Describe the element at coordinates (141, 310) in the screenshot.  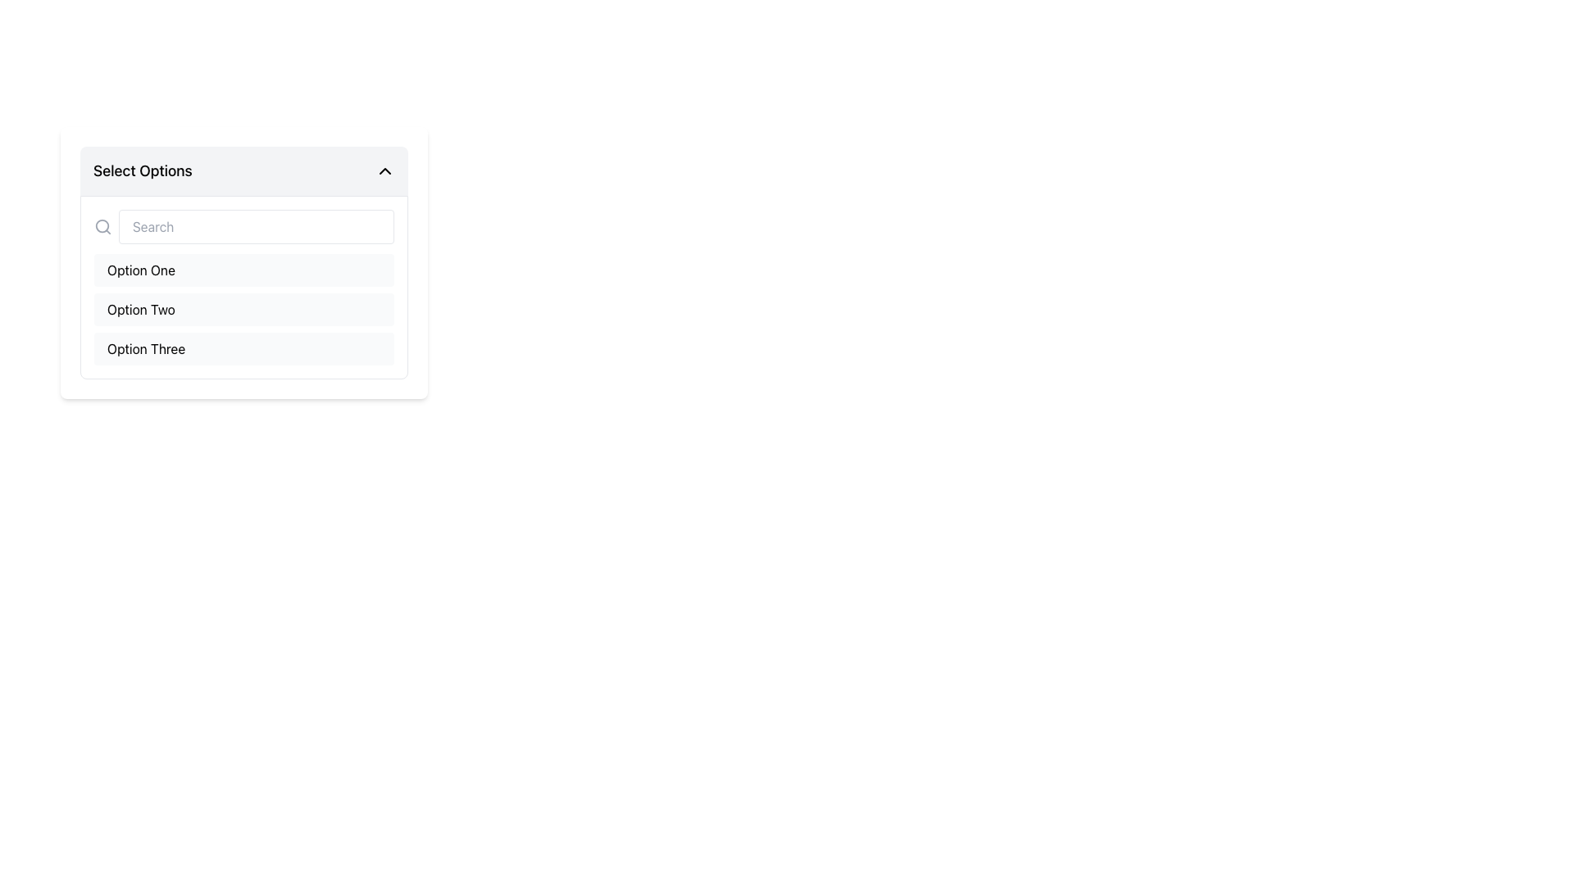
I see `the second option in the dropdown menu labeled 'Option Two'` at that location.